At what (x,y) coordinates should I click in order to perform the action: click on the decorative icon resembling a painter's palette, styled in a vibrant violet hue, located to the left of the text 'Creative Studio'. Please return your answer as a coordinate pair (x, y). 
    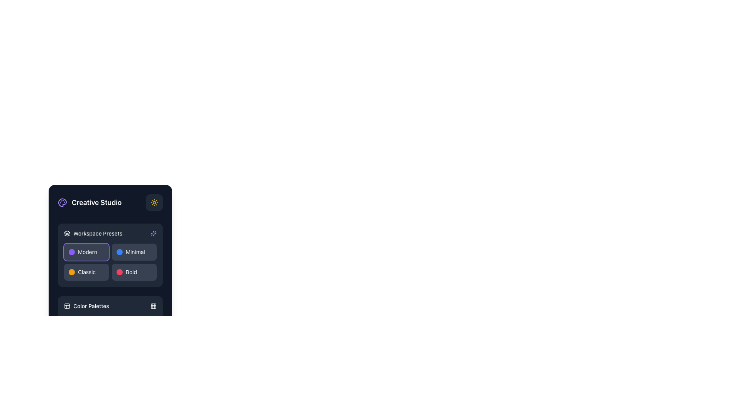
    Looking at the image, I should click on (63, 202).